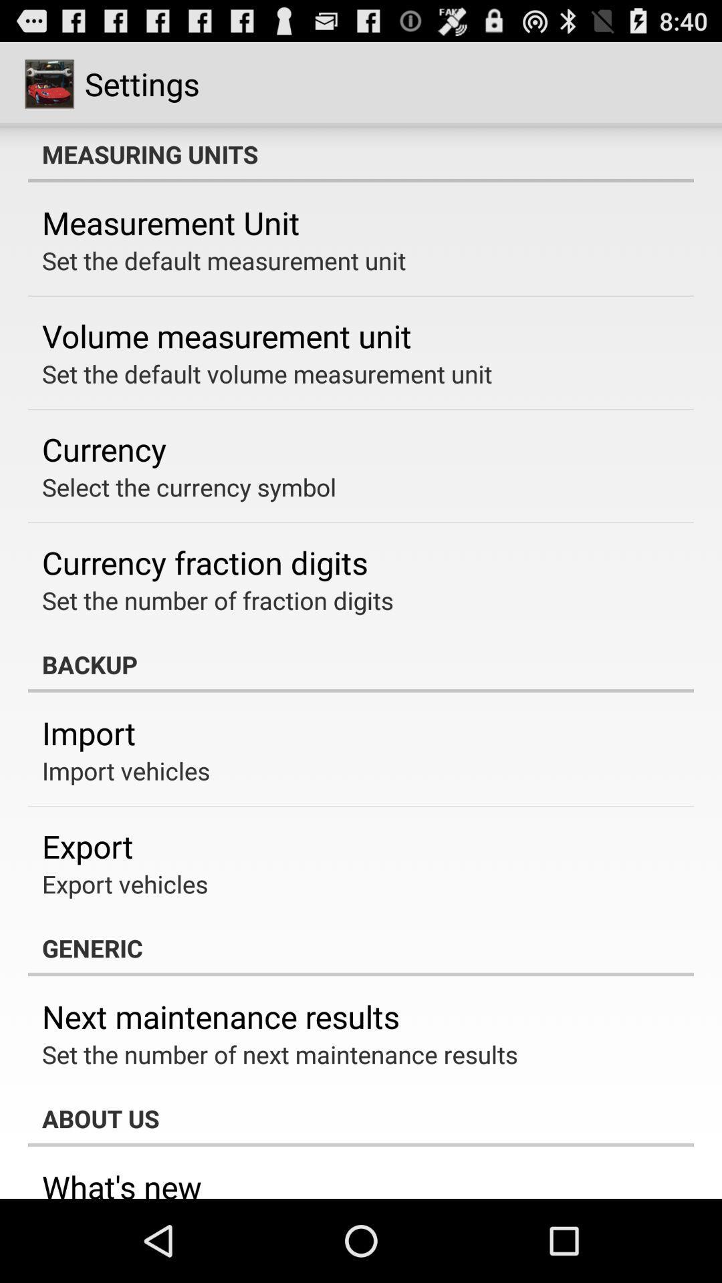  Describe the element at coordinates (122, 1182) in the screenshot. I see `icon below the about us item` at that location.